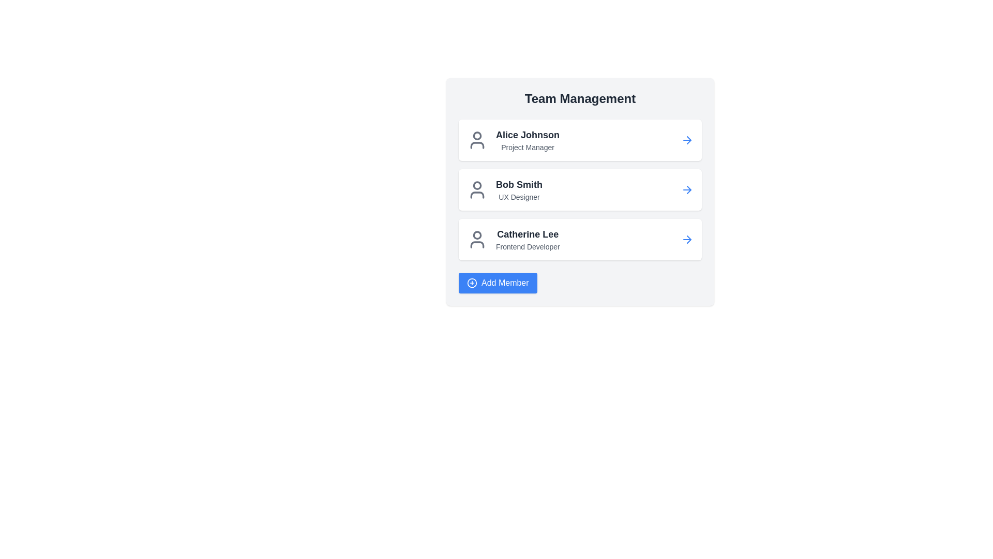 This screenshot has width=993, height=559. Describe the element at coordinates (689, 189) in the screenshot. I see `the right-pointing blue arrow icon associated with 'Bob Smith' in the team members list` at that location.